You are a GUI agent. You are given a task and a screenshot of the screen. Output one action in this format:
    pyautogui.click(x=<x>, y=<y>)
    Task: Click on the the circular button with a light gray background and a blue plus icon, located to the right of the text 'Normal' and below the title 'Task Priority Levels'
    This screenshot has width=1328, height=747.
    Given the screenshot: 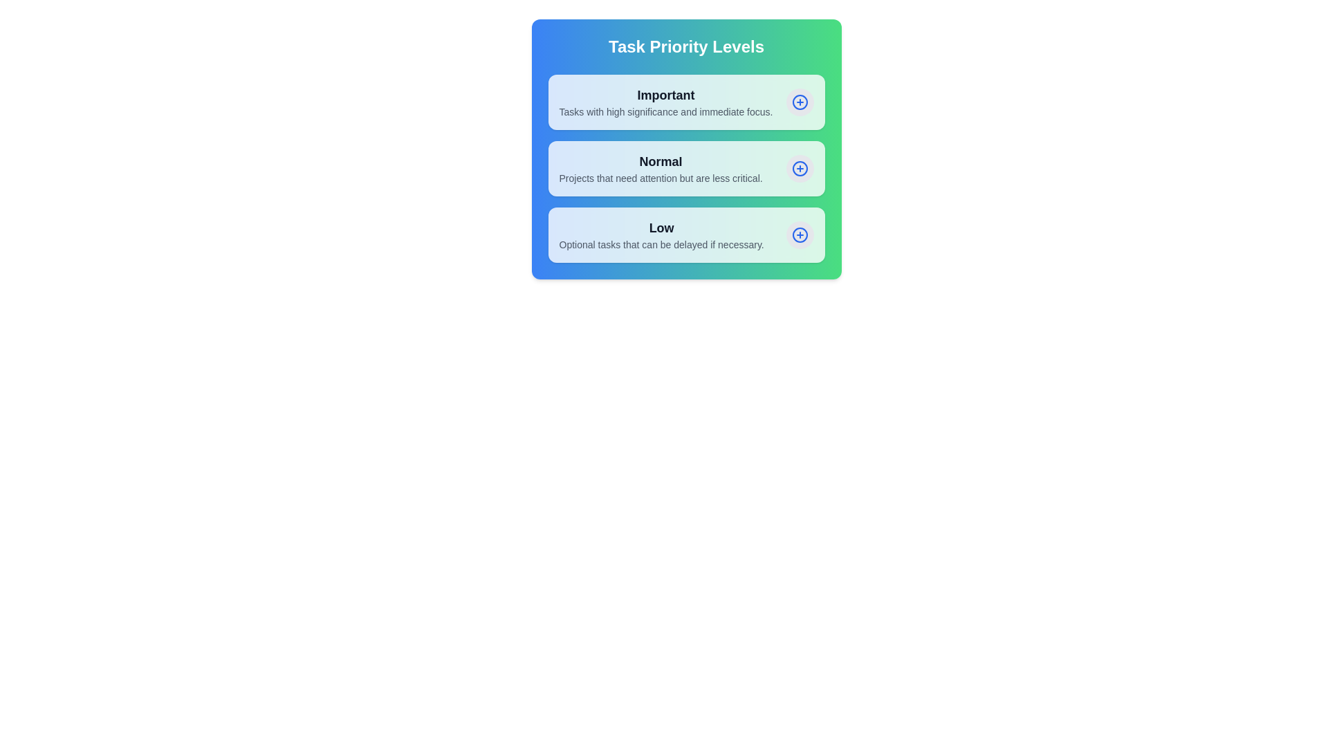 What is the action you would take?
    pyautogui.click(x=800, y=167)
    